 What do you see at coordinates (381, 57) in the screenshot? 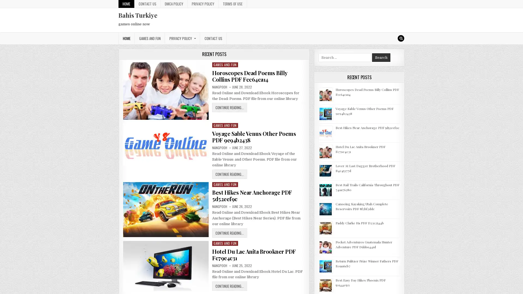
I see `Search` at bounding box center [381, 57].